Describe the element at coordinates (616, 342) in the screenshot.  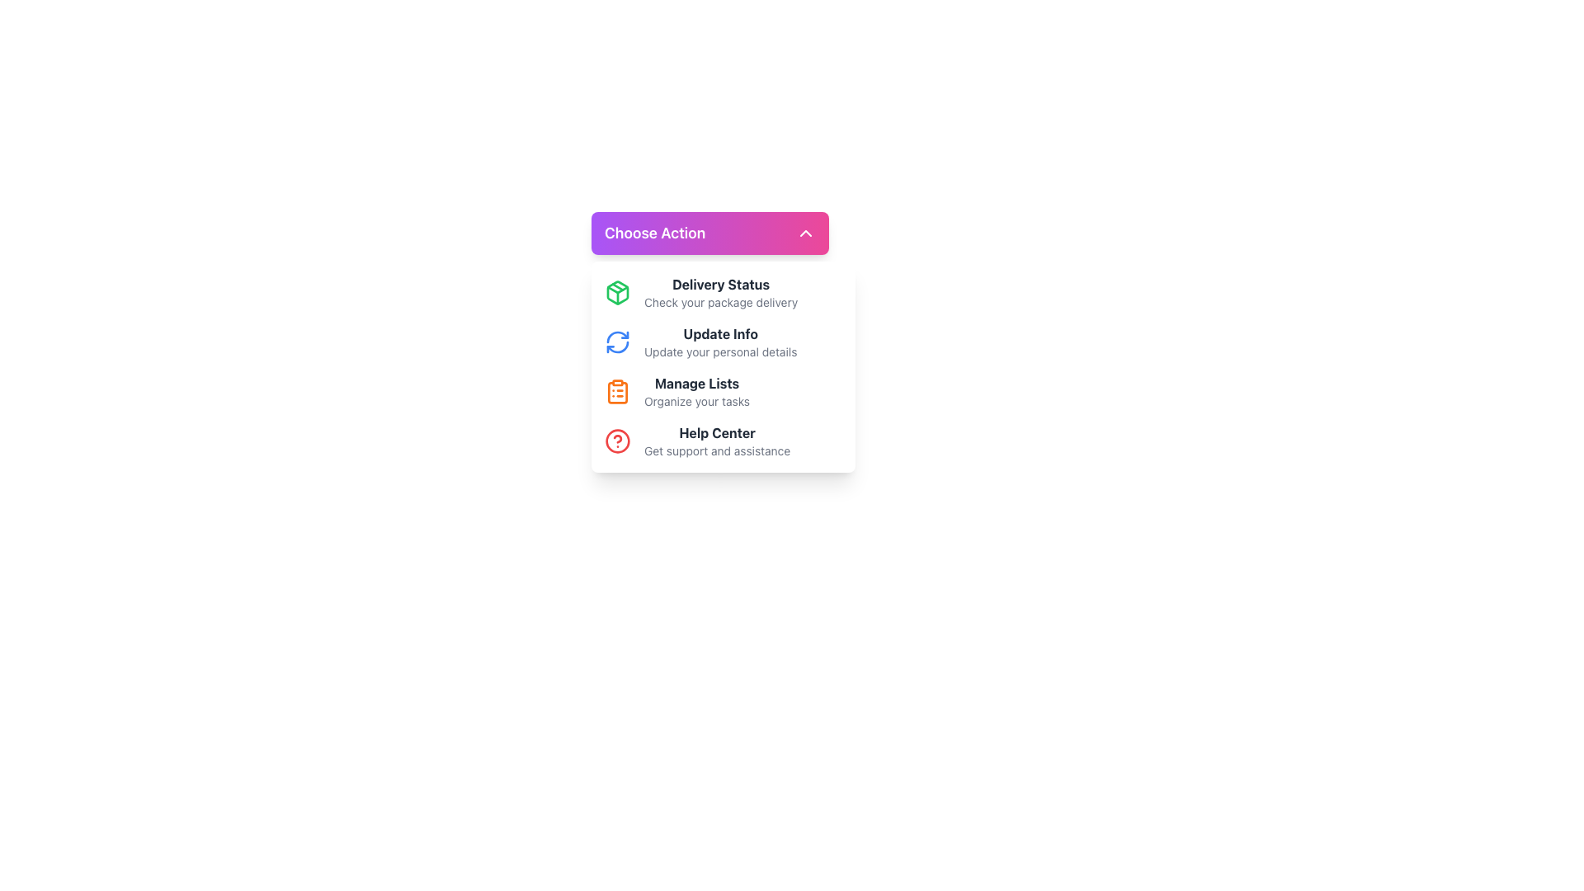
I see `the circular blue refresh icon located next to the 'Update Info' text to initiate interaction` at that location.